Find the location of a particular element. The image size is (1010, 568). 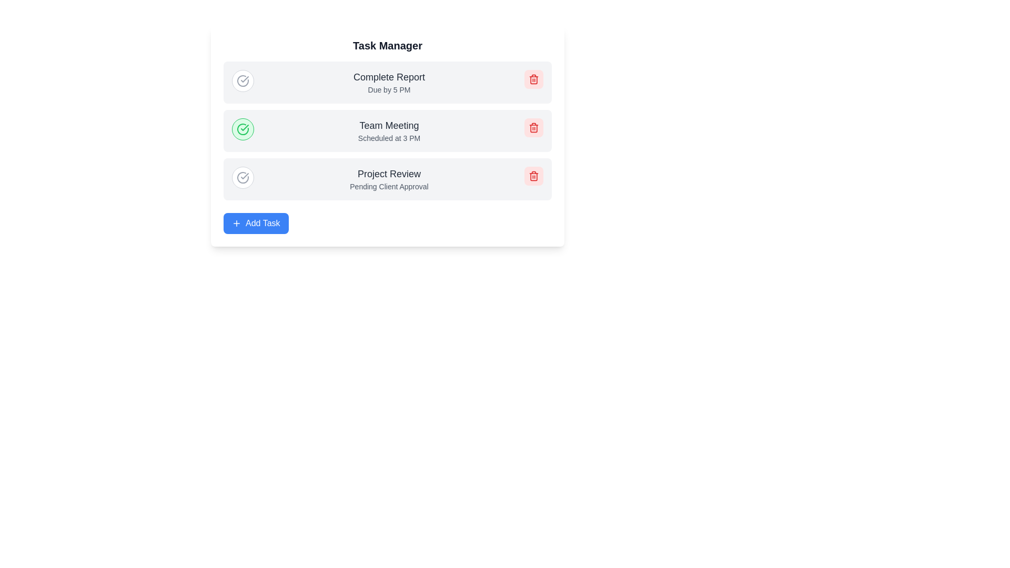

the curved rectangular part of the trash can icon, which is the main body of the can located in the right-side column of the task listing interface, aligned with the 'Complete Report' task is located at coordinates (533, 79).